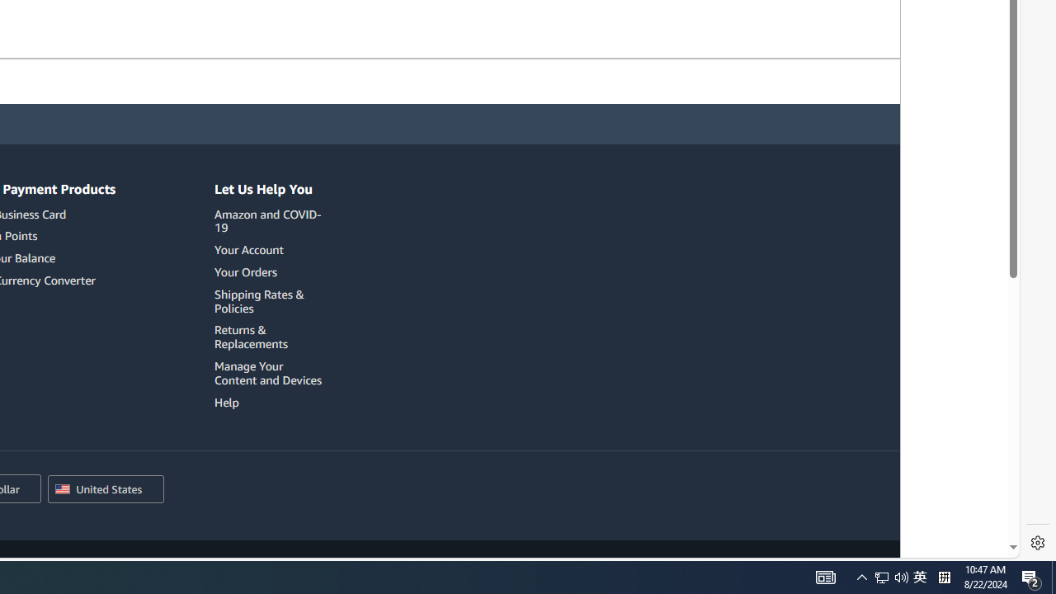 The height and width of the screenshot is (594, 1056). What do you see at coordinates (268, 219) in the screenshot?
I see `'Amazon and COVID-19'` at bounding box center [268, 219].